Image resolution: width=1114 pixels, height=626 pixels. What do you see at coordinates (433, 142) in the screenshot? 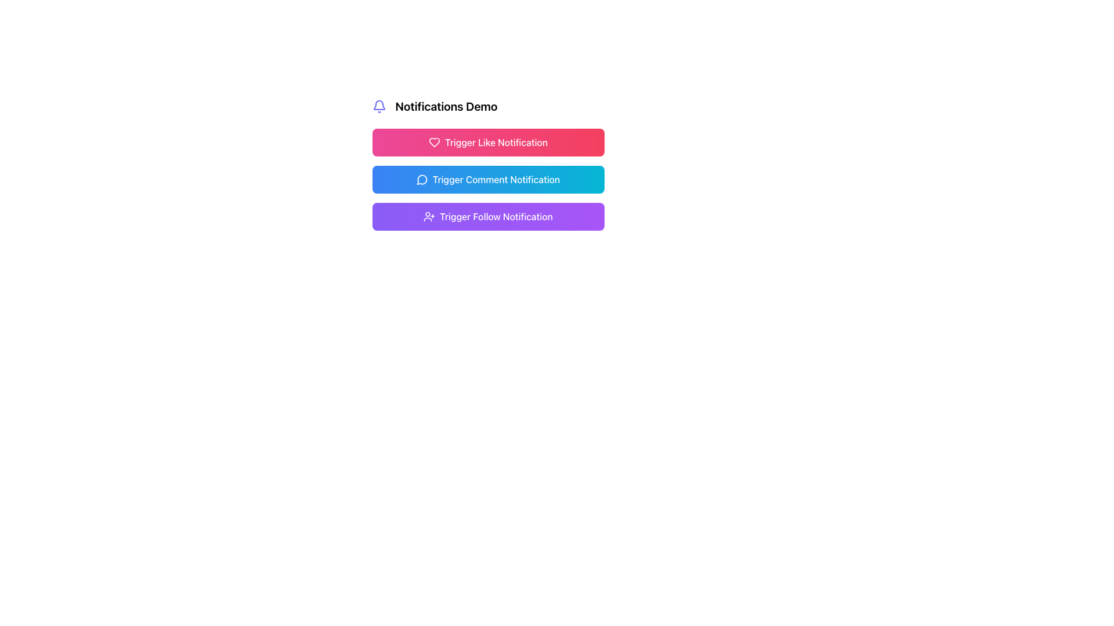
I see `the heart-shaped icon with a hollow center, which is located within the 'Trigger Like Notification' button for tooltip or visual feedback` at bounding box center [433, 142].